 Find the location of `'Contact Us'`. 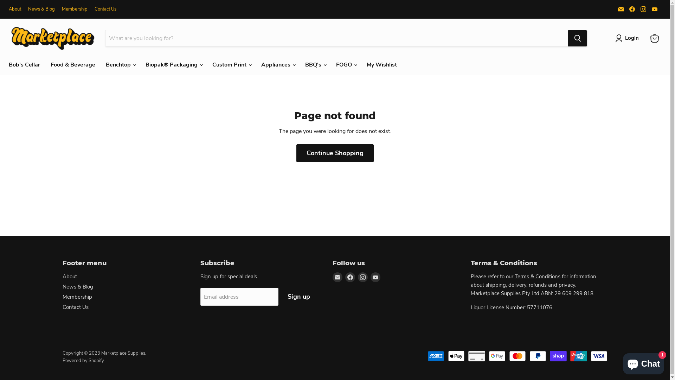

'Contact Us' is located at coordinates (76, 306).